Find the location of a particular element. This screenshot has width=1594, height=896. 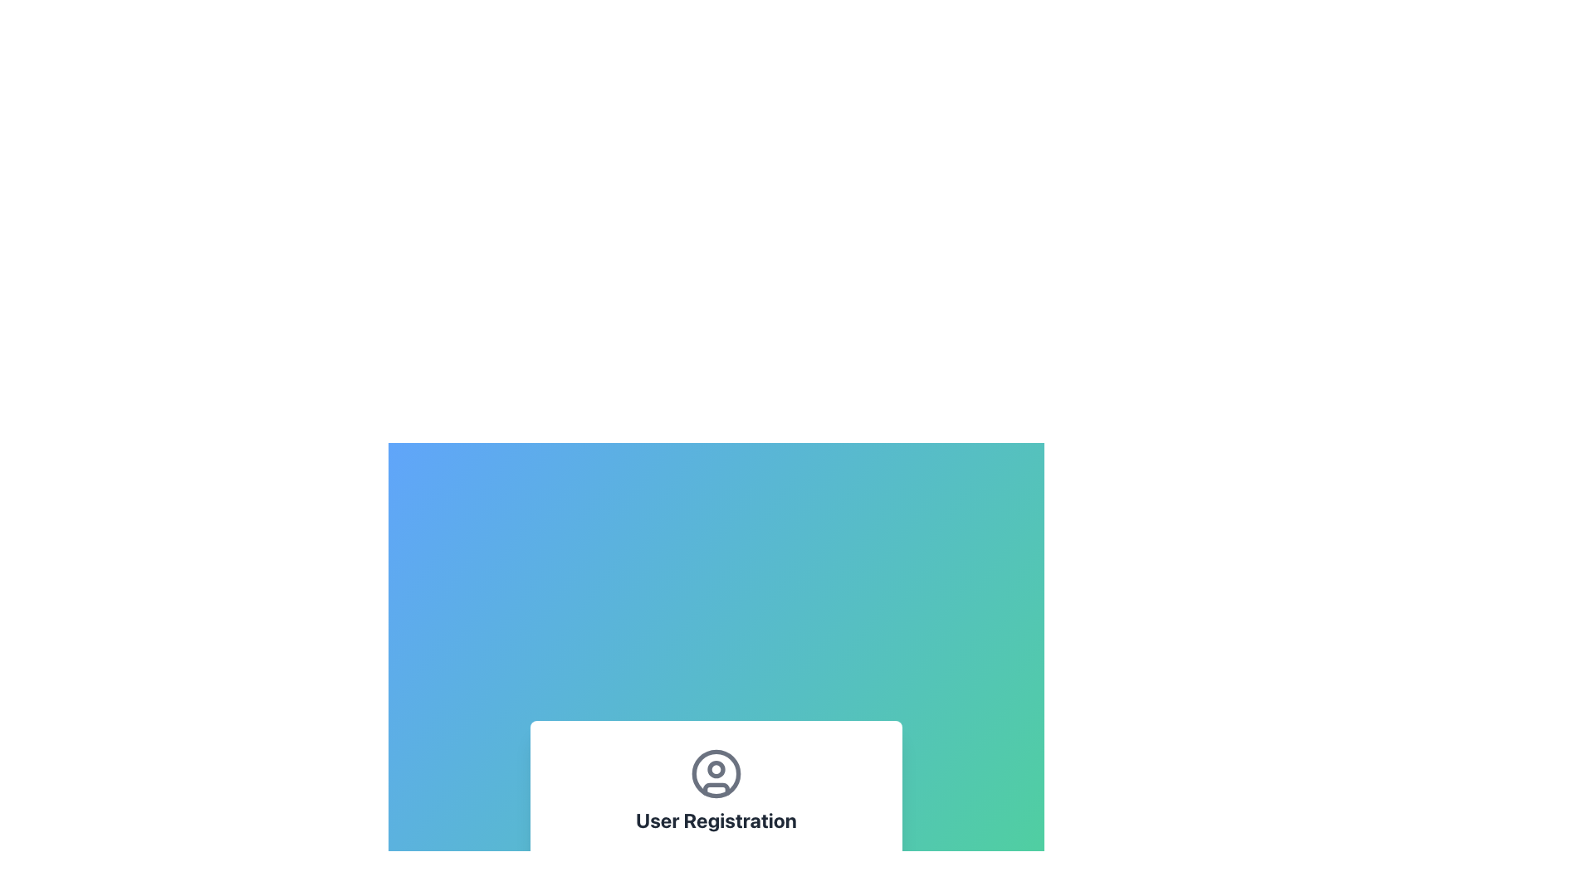

the torso representation within the user silhouette icon located at the center bottom of the circular user profile icon is located at coordinates (716, 786).